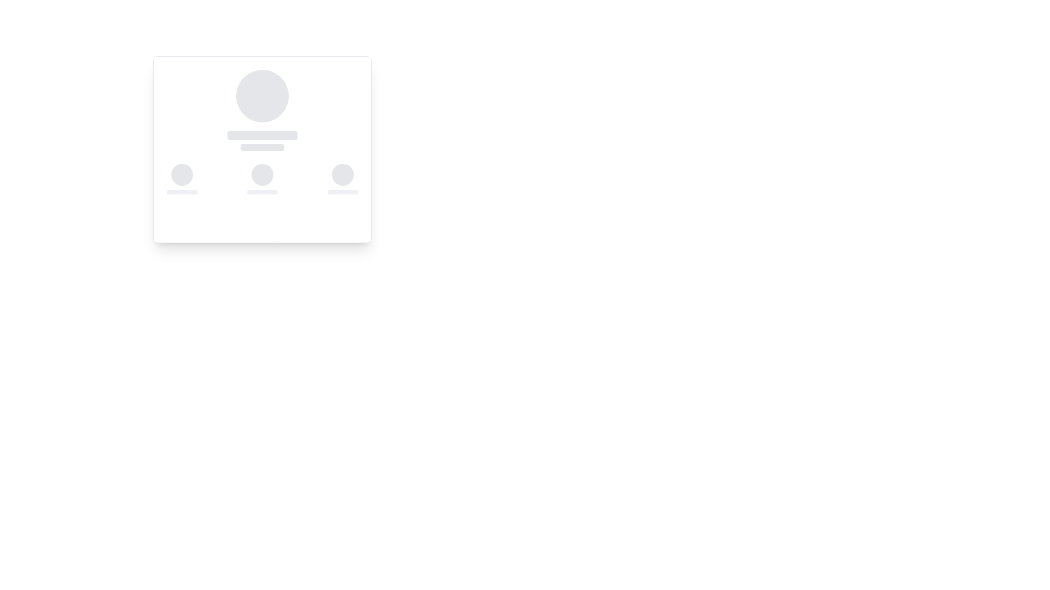 This screenshot has width=1050, height=590. Describe the element at coordinates (342, 191) in the screenshot. I see `the small rectangular light gray placeholder with rounded corners that has a pulsing loading animation, located directly below a circular placeholder graphic` at that location.